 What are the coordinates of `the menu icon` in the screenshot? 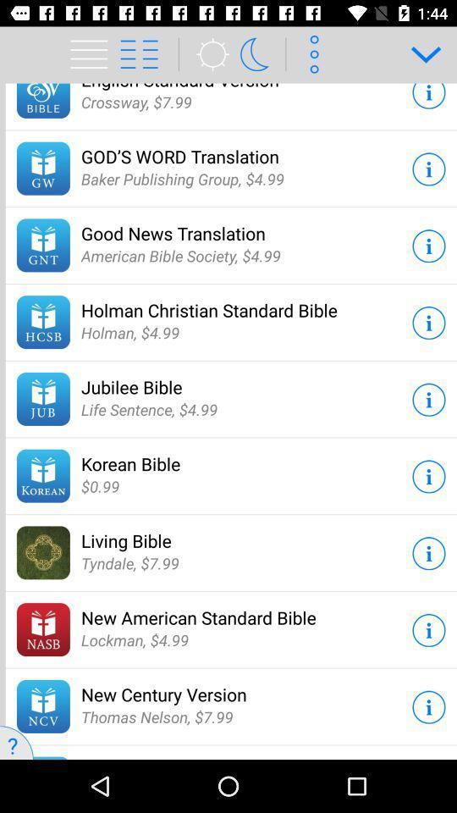 It's located at (91, 54).